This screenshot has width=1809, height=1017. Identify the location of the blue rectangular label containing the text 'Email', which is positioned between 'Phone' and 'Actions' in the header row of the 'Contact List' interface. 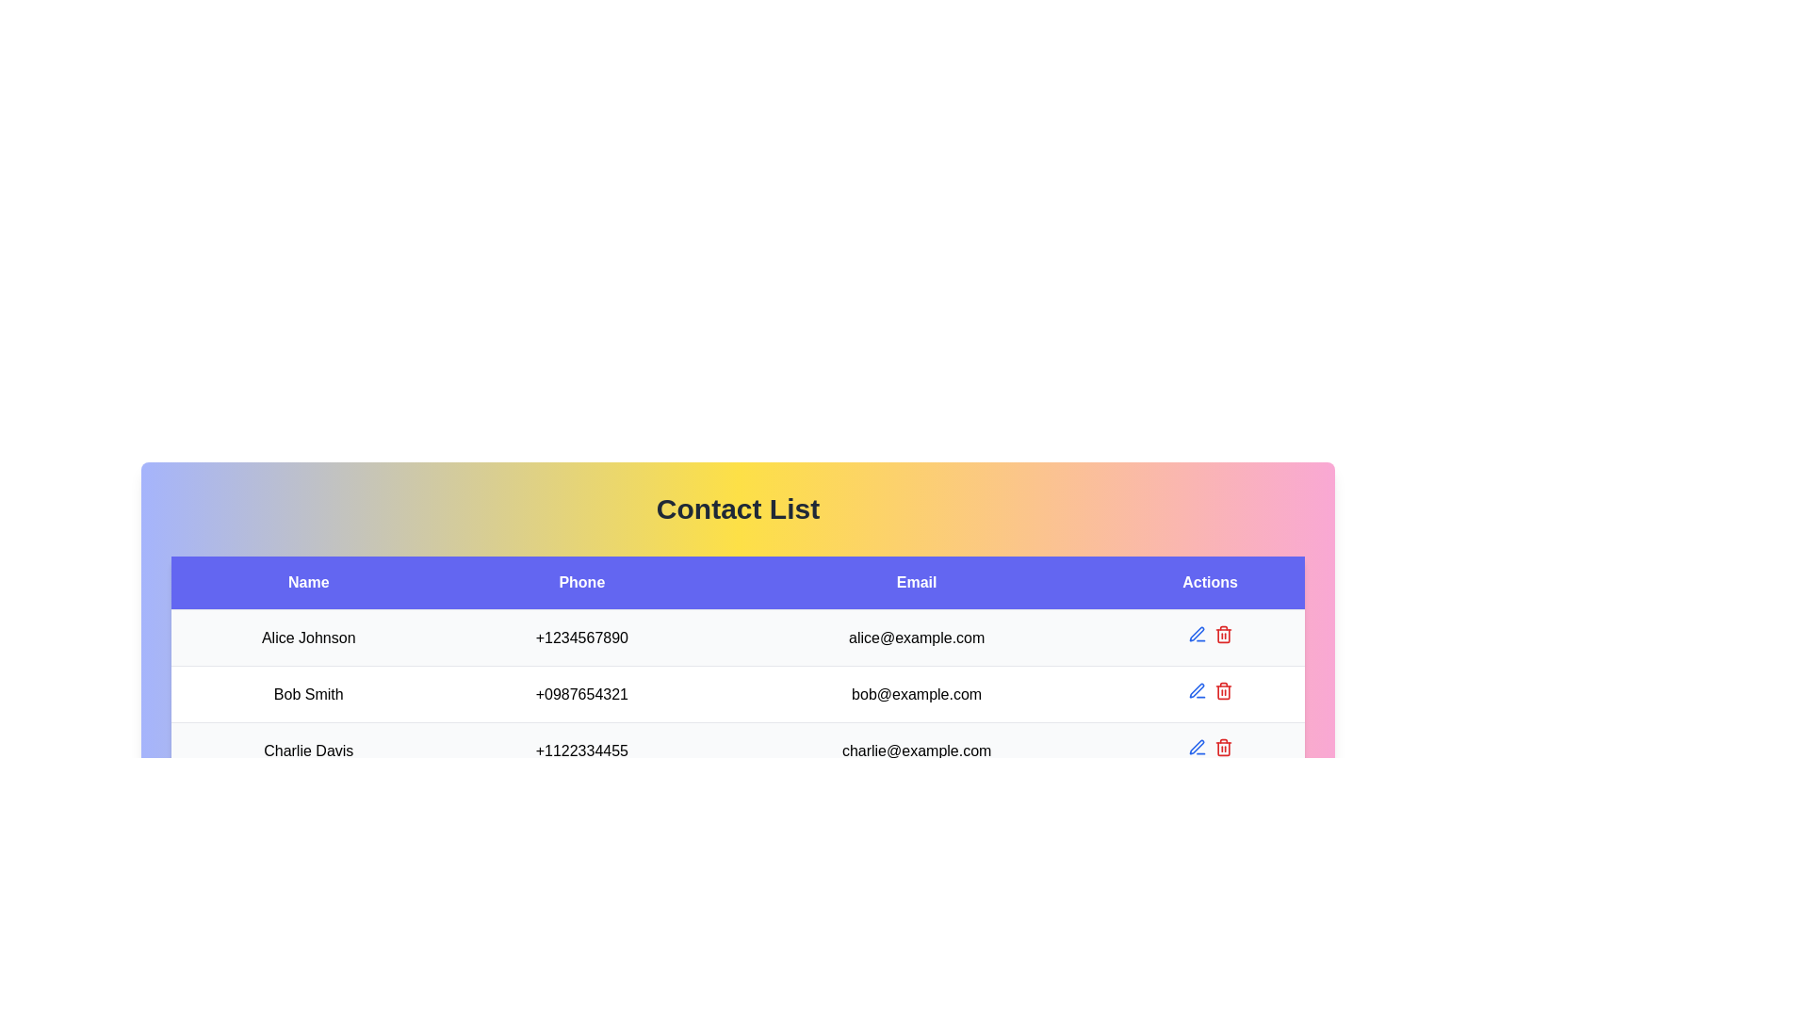
(917, 582).